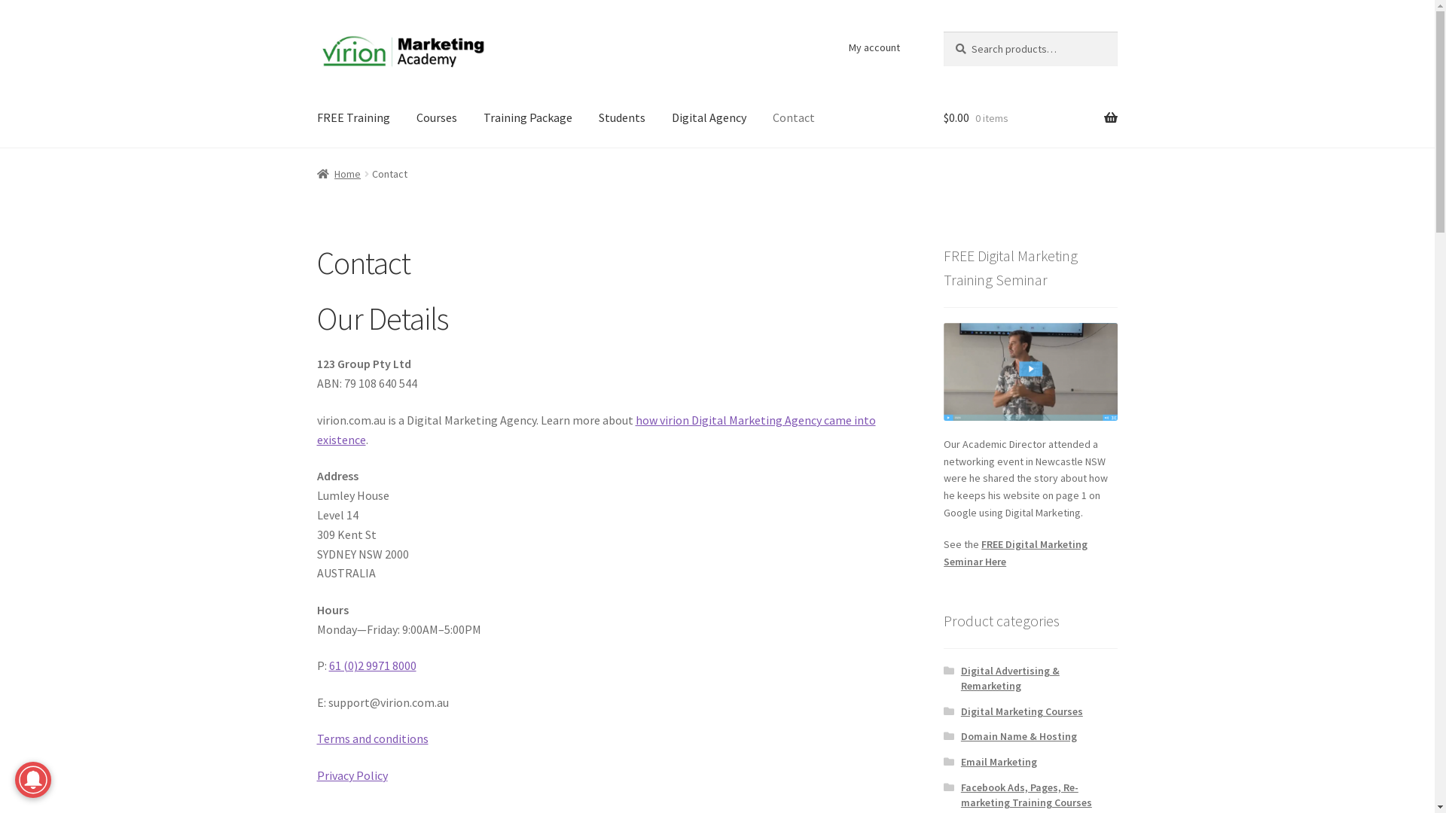 This screenshot has width=1446, height=813. I want to click on 'Digital Marketing Courses', so click(1022, 711).